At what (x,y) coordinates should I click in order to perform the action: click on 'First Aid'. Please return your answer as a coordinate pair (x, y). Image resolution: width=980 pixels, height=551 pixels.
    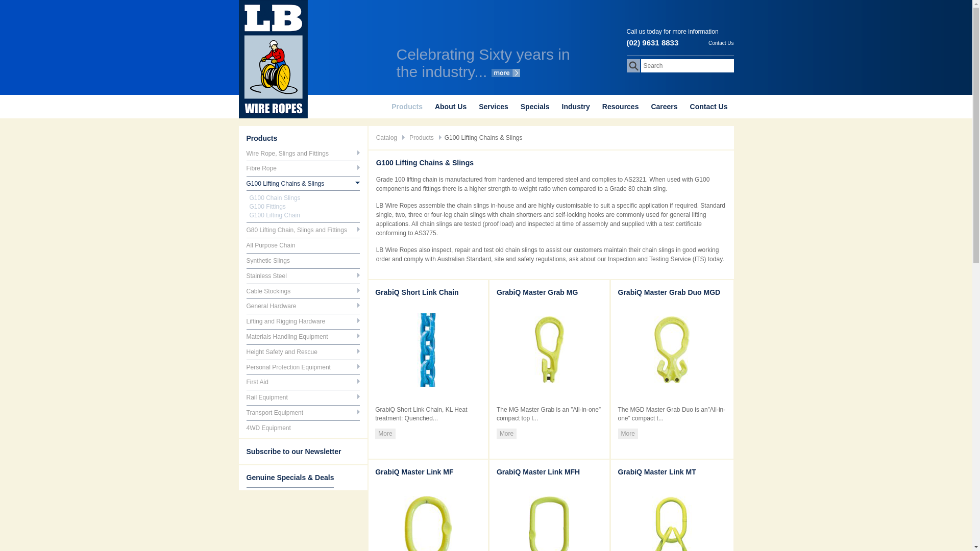
    Looking at the image, I should click on (257, 382).